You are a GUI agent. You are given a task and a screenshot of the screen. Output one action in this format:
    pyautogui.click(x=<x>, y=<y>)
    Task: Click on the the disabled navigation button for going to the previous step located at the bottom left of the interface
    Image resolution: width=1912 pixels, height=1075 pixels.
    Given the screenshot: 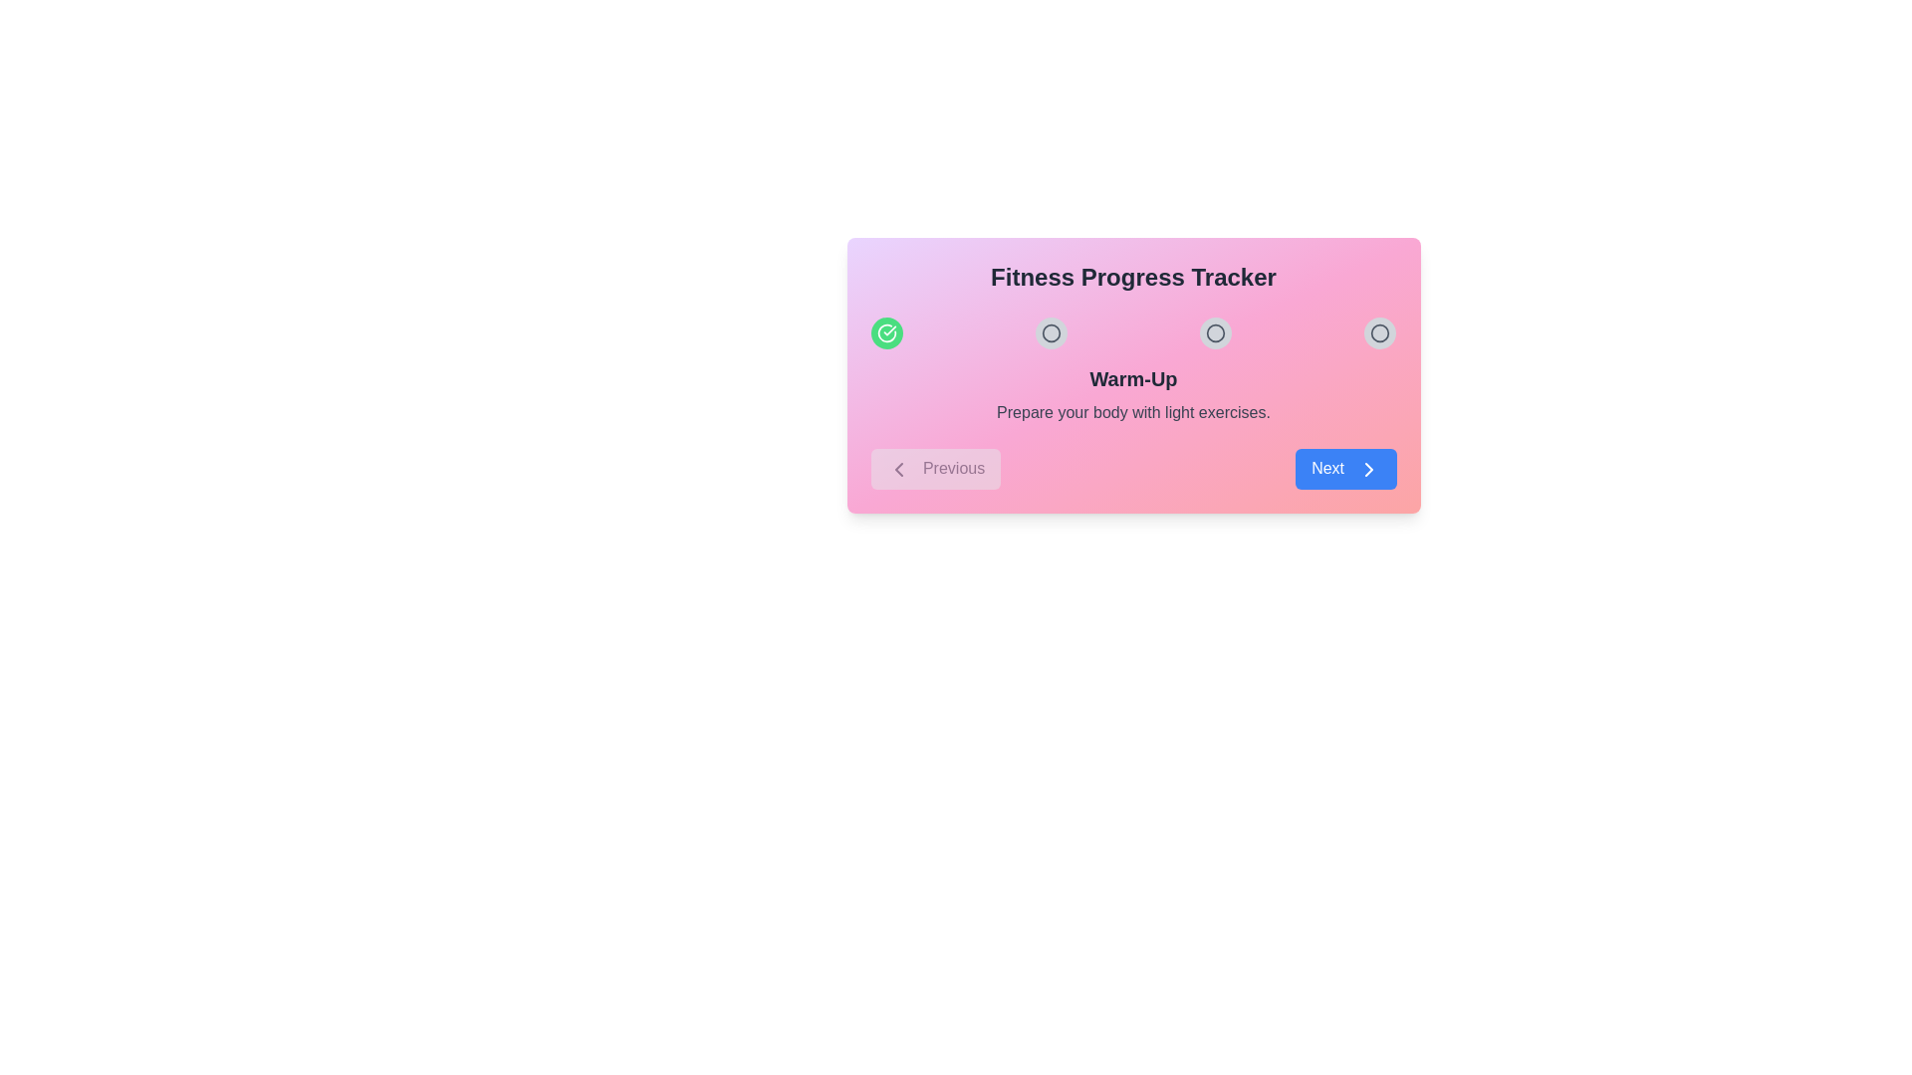 What is the action you would take?
    pyautogui.click(x=934, y=469)
    